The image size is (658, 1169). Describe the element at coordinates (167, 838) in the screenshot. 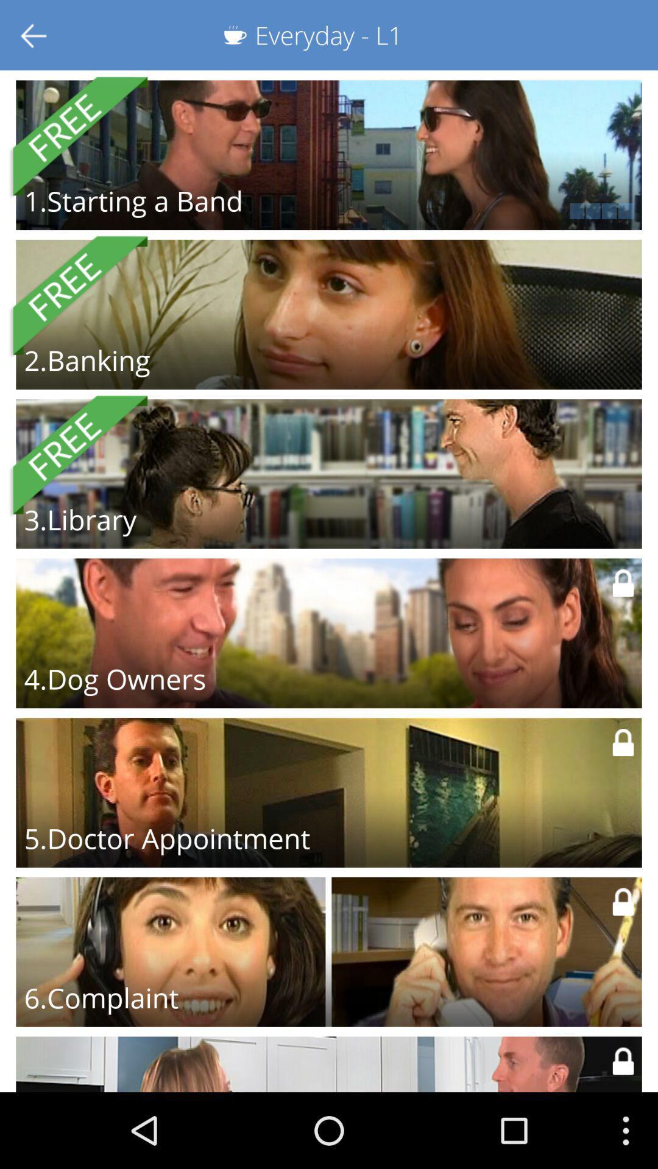

I see `the 5.doctor appointment` at that location.